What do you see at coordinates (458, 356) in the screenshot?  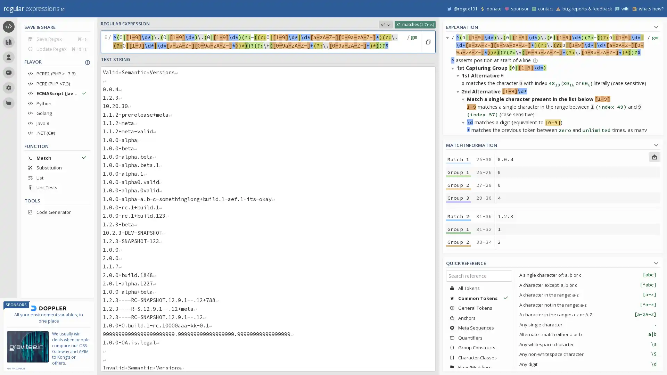 I see `Group 2` at bounding box center [458, 356].